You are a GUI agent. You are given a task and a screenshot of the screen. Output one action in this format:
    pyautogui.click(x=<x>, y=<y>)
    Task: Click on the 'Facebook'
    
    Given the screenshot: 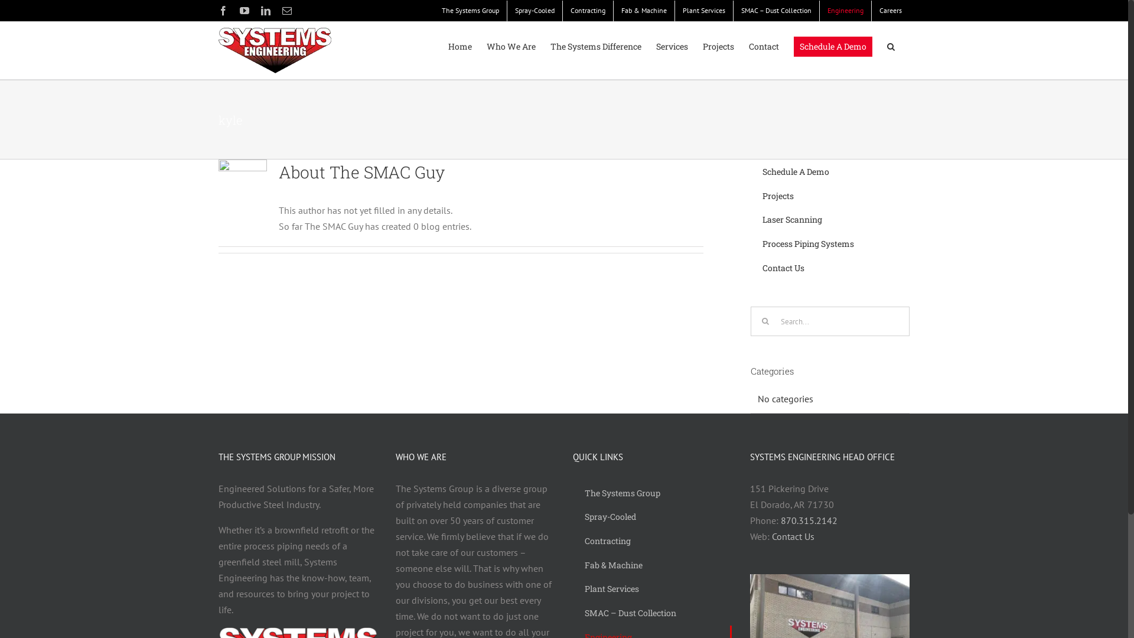 What is the action you would take?
    pyautogui.click(x=223, y=11)
    